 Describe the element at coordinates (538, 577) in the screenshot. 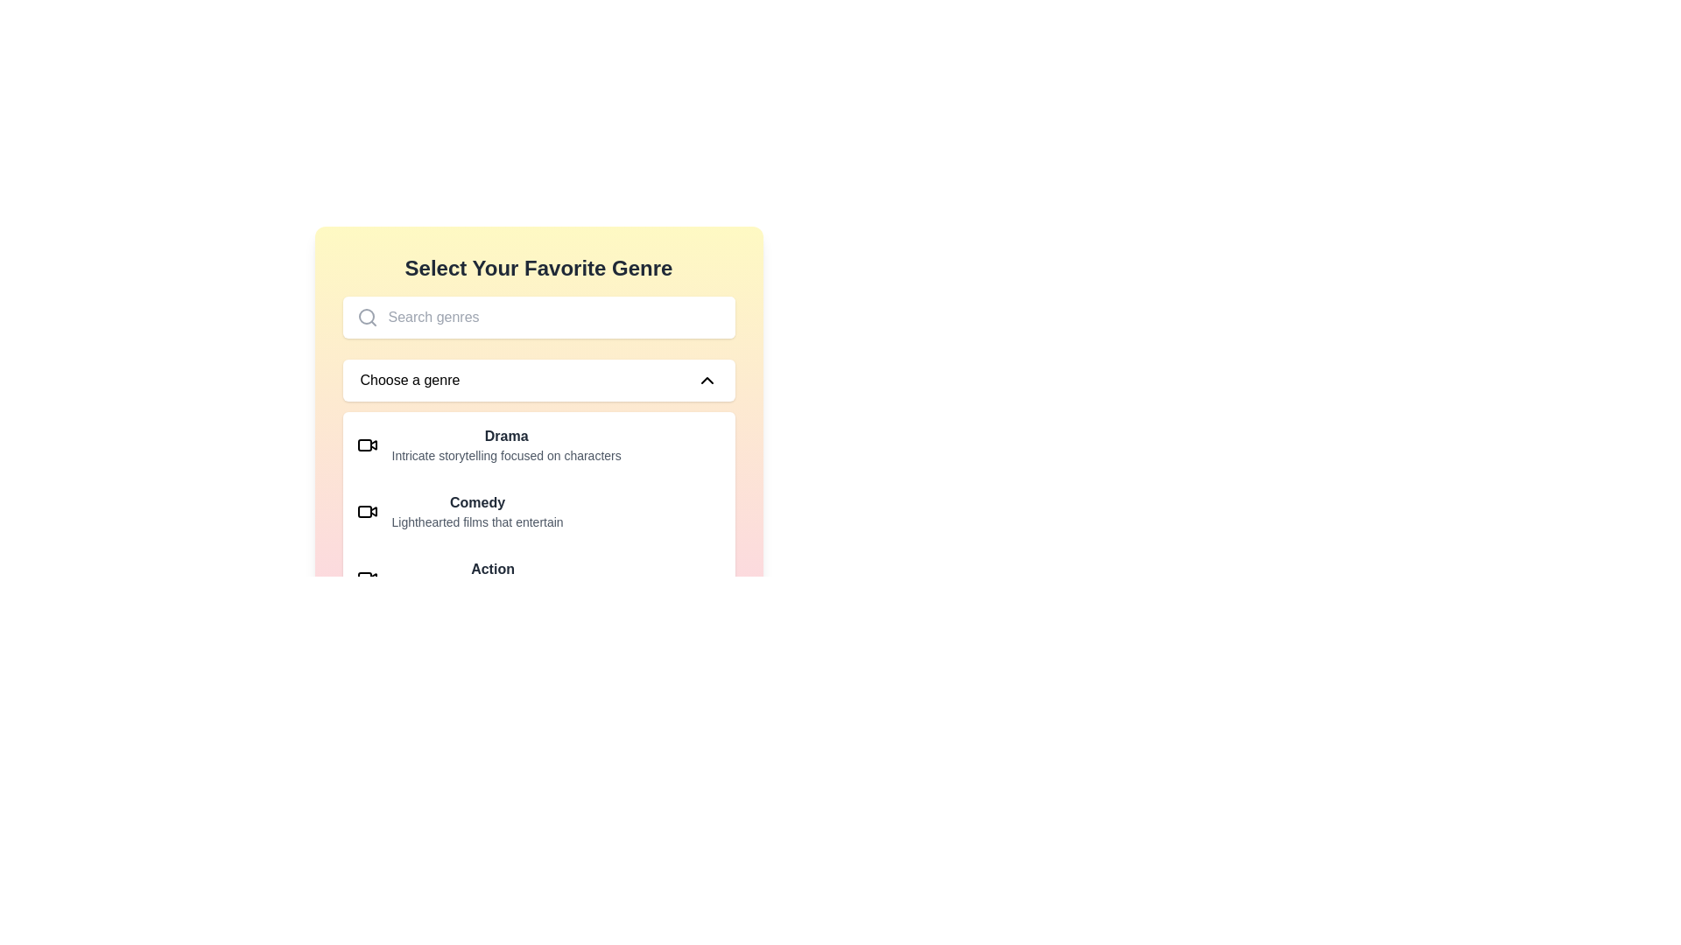

I see `the third row of the selectable list item labeled 'Action' in the 'Choose a genre' dropdown menu` at that location.